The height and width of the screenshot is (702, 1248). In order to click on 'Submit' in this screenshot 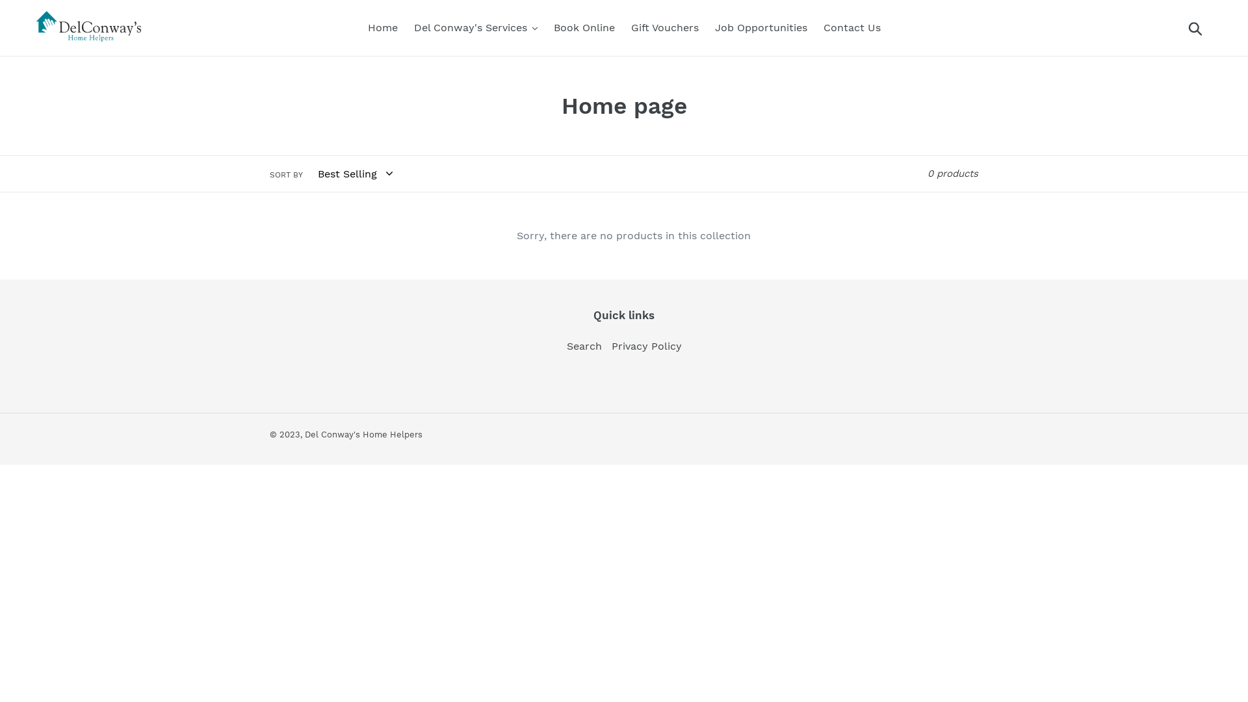, I will do `click(1196, 27)`.